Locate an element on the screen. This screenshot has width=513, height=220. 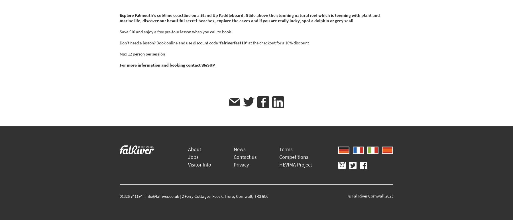
'‘falriverfest10’' is located at coordinates (233, 43).